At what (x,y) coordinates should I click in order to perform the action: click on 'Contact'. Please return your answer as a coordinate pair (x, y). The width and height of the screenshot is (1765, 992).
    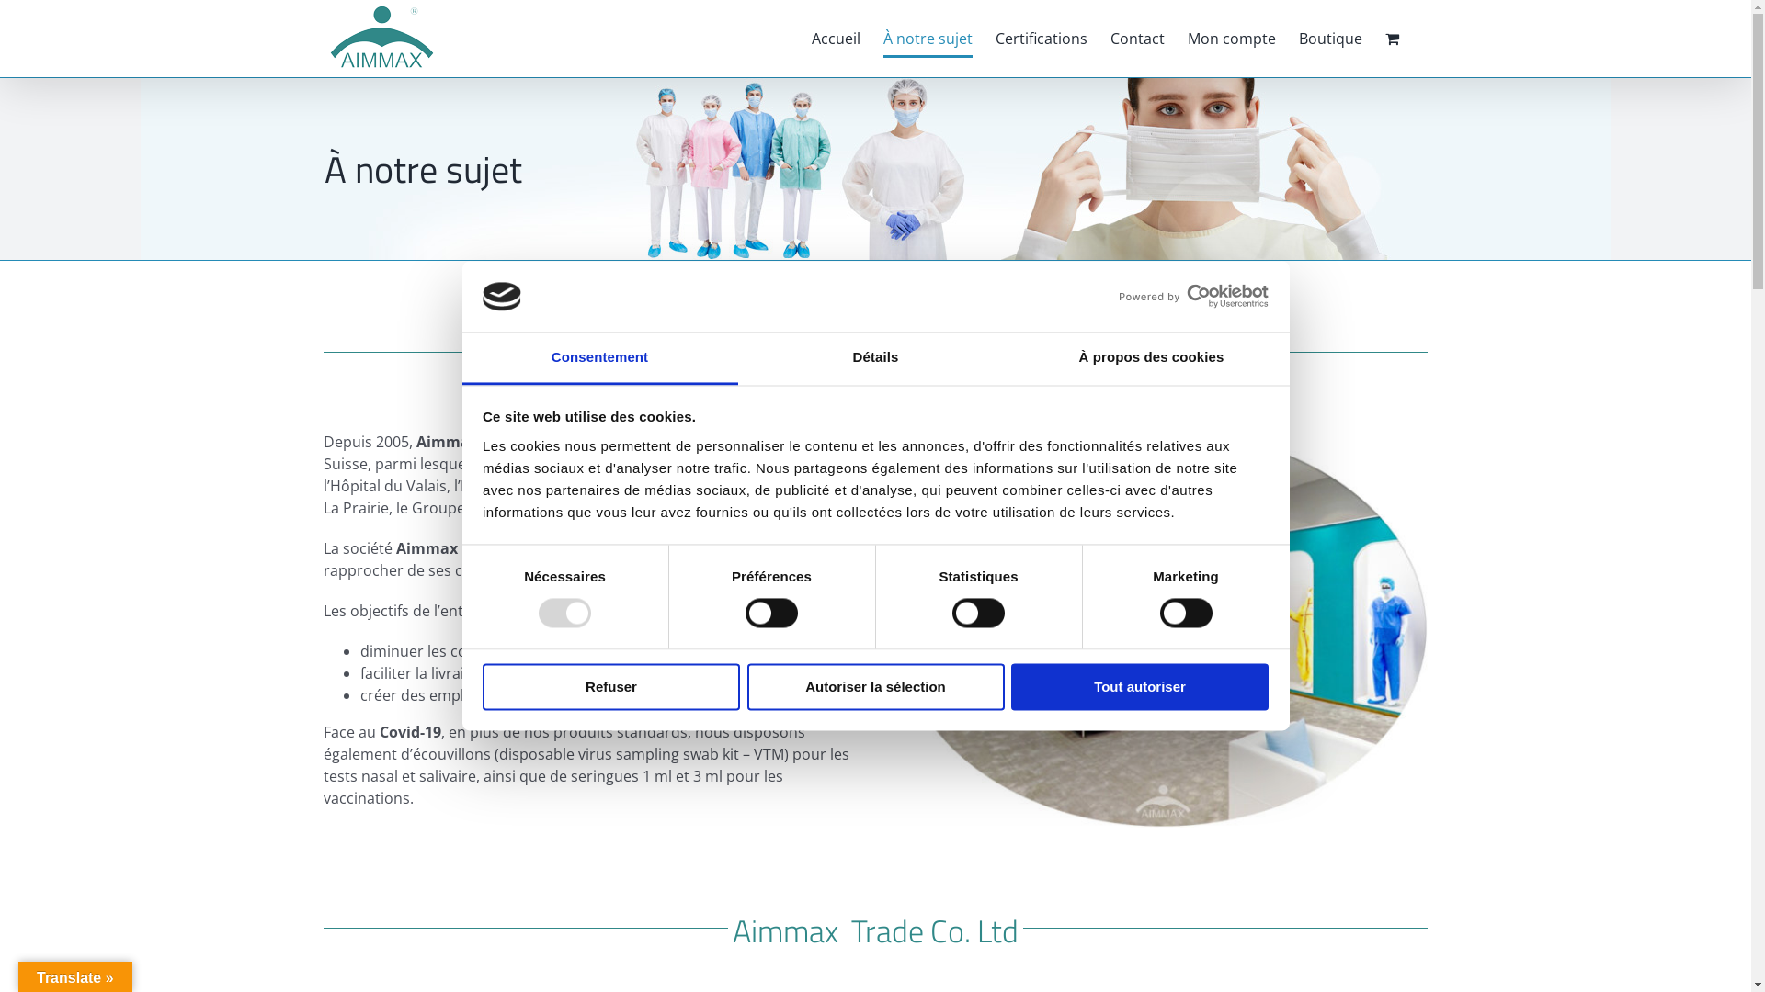
    Looking at the image, I should click on (1136, 39).